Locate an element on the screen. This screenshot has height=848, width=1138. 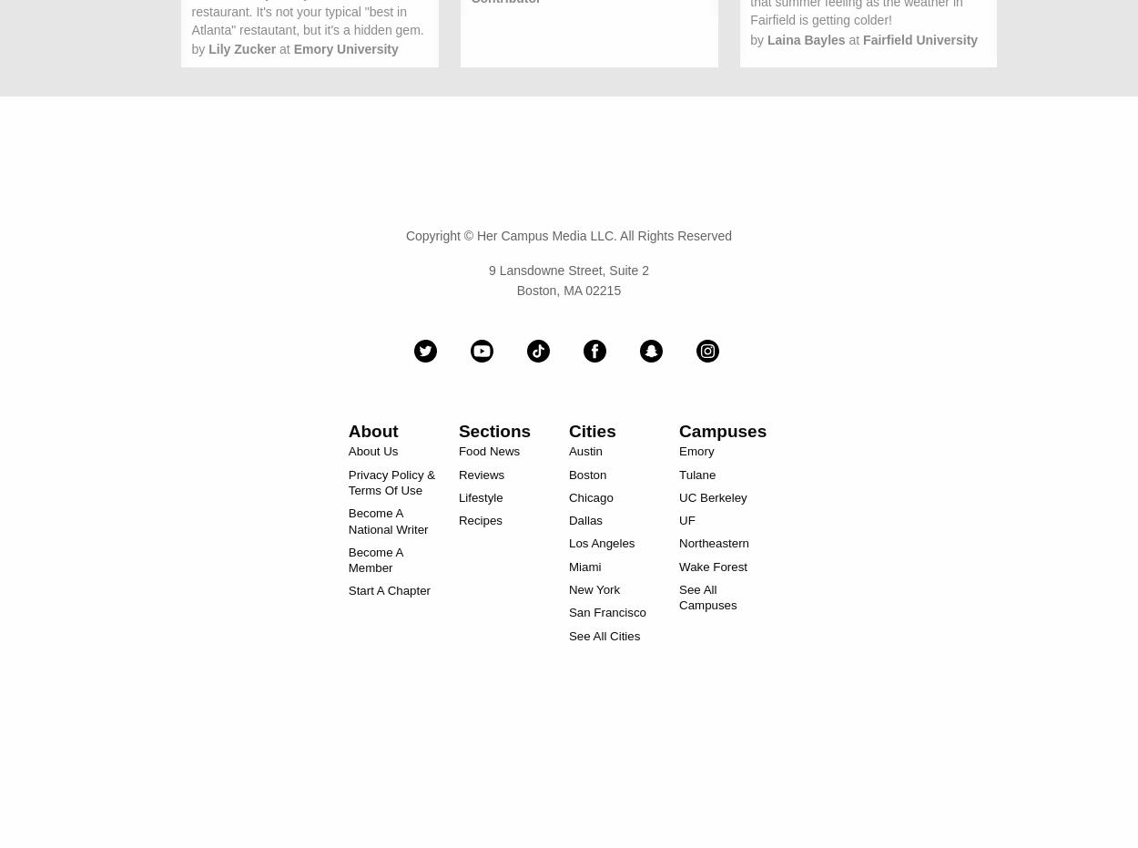
'Northeastern' is located at coordinates (714, 542).